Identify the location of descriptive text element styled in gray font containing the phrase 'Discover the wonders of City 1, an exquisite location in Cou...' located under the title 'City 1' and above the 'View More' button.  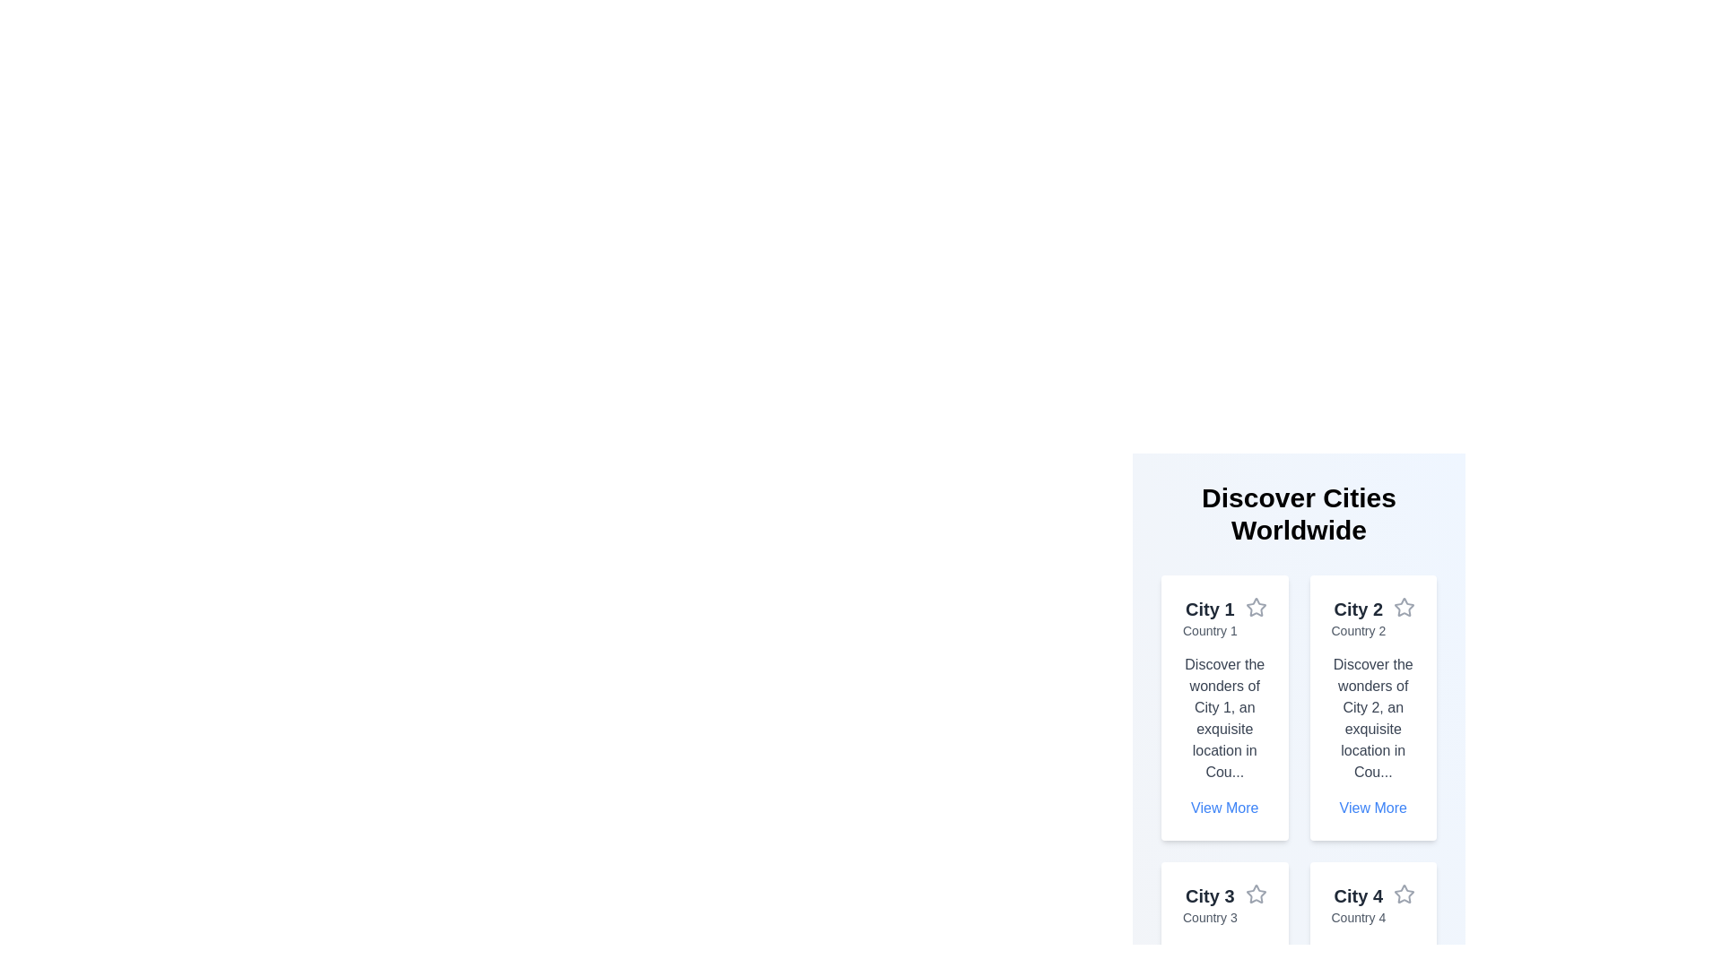
(1223, 718).